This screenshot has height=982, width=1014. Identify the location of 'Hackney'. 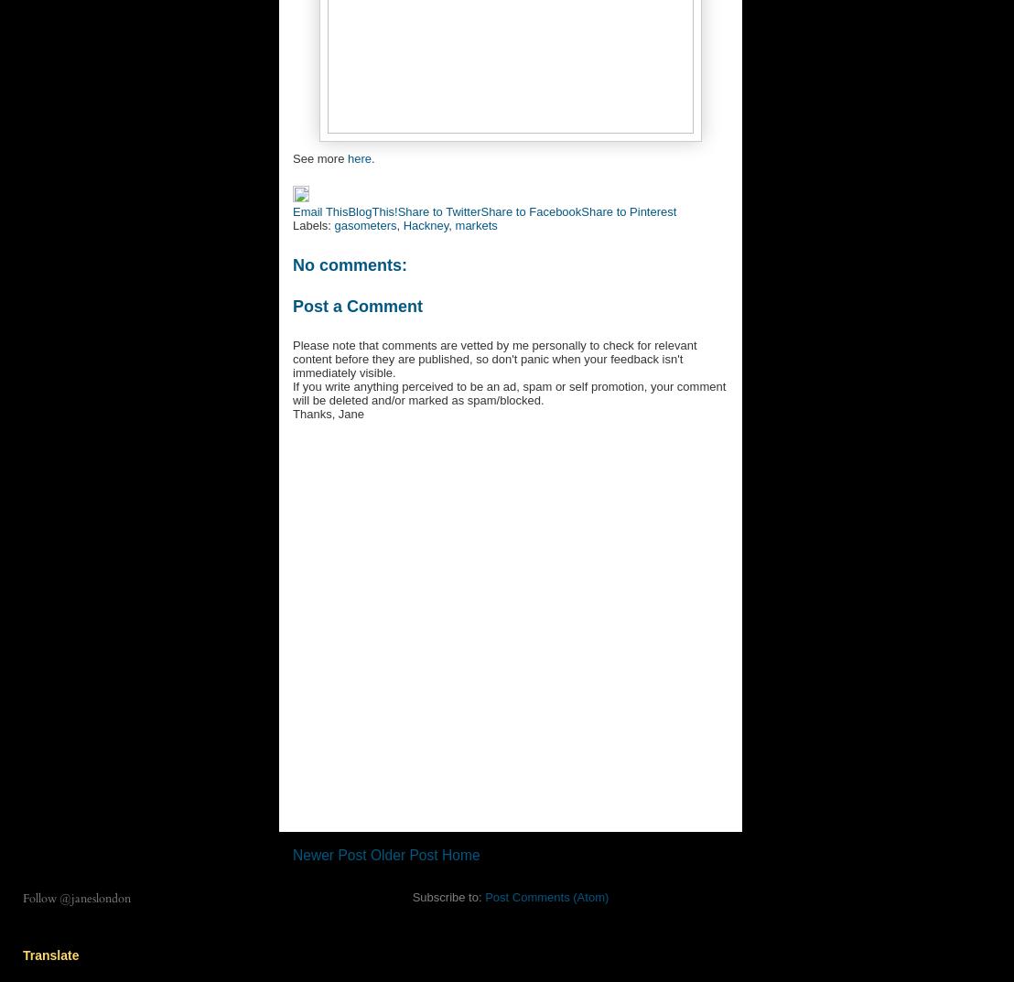
(426, 223).